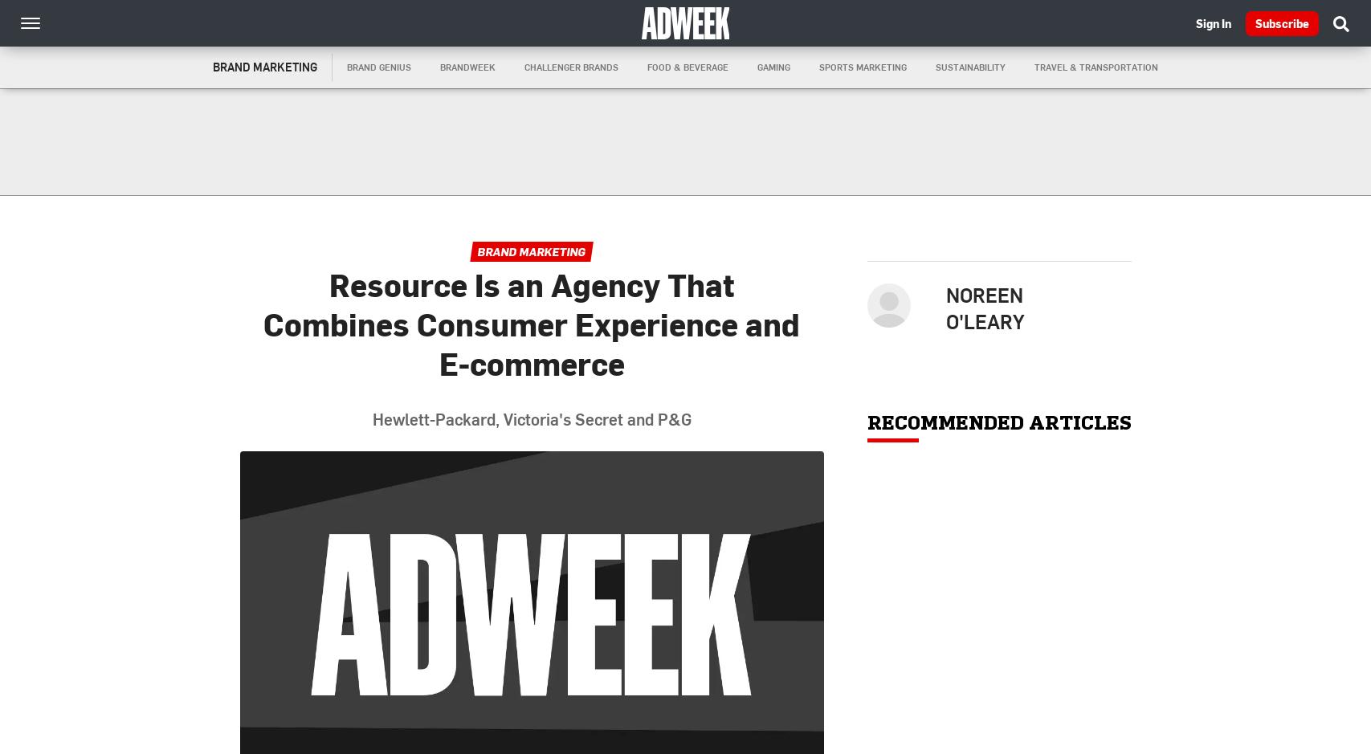 The height and width of the screenshot is (754, 1371). I want to click on 'Sign In', so click(1213, 22).